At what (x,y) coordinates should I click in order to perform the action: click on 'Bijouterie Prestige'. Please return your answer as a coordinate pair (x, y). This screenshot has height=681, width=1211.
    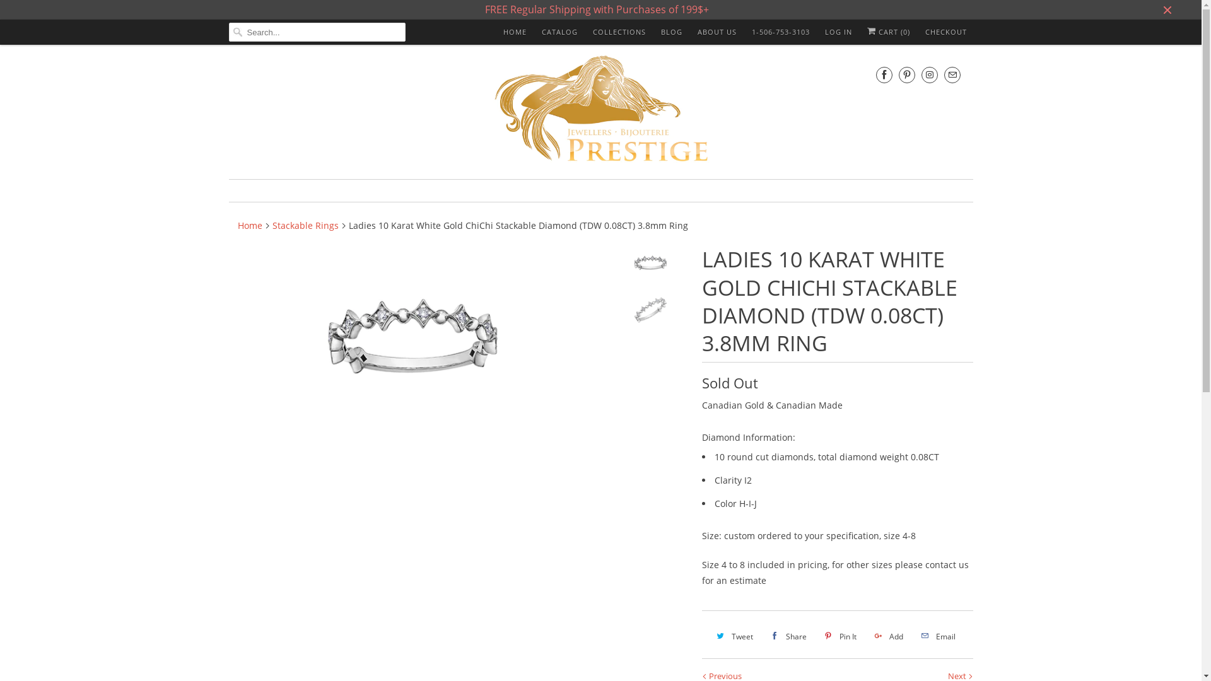
    Looking at the image, I should click on (600, 109).